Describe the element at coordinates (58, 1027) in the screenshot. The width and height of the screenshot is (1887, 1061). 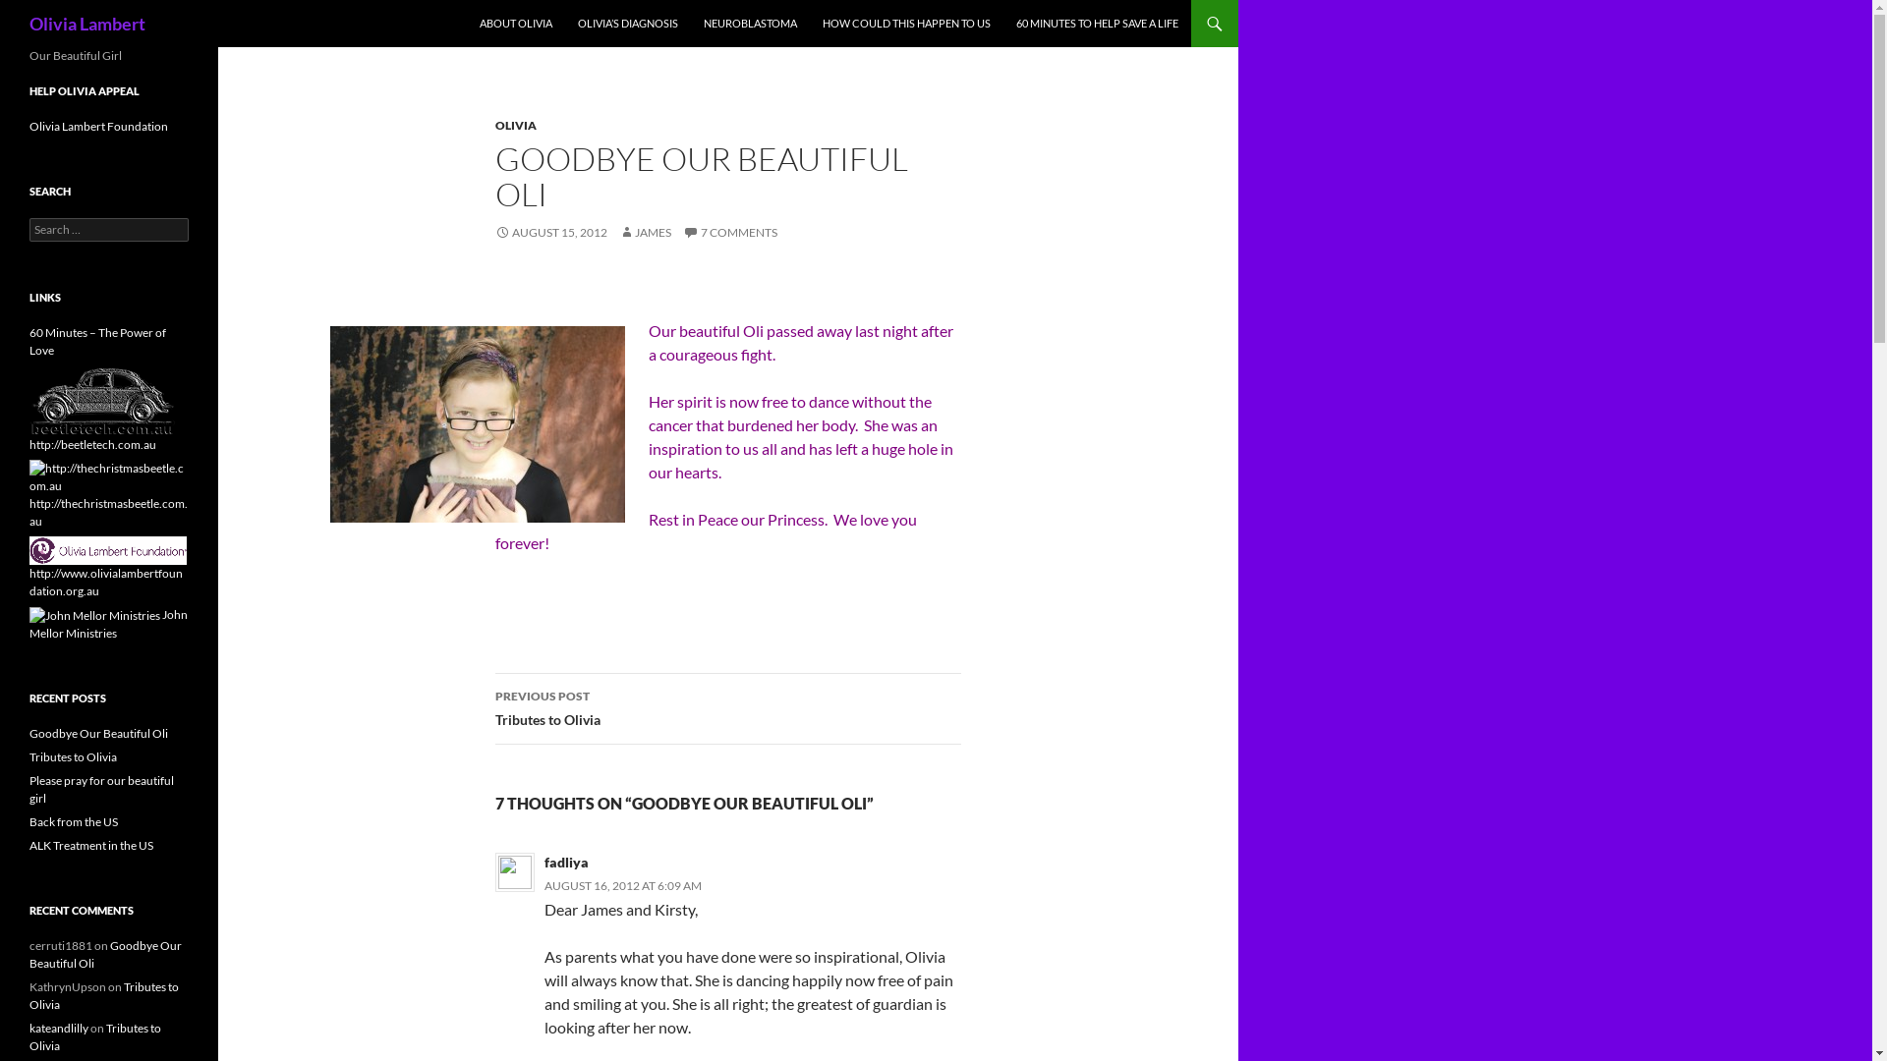
I see `'kateandlilly'` at that location.